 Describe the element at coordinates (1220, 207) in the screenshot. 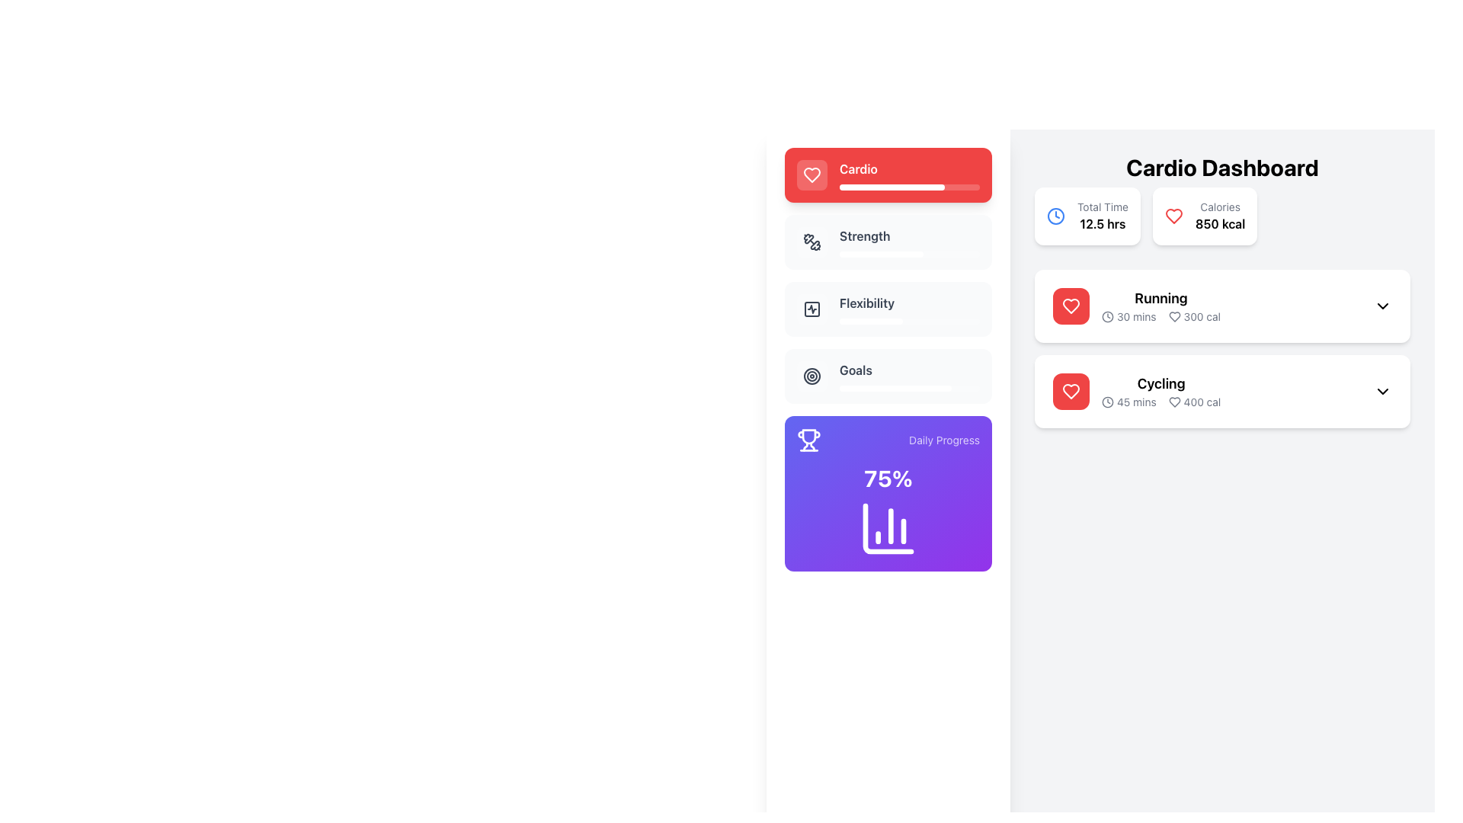

I see `the static text label that indicates '850 kcal', which describes the total calories burned in the Cardio Dashboard's header area, positioned beside the 'Total Time' statistic box` at that location.